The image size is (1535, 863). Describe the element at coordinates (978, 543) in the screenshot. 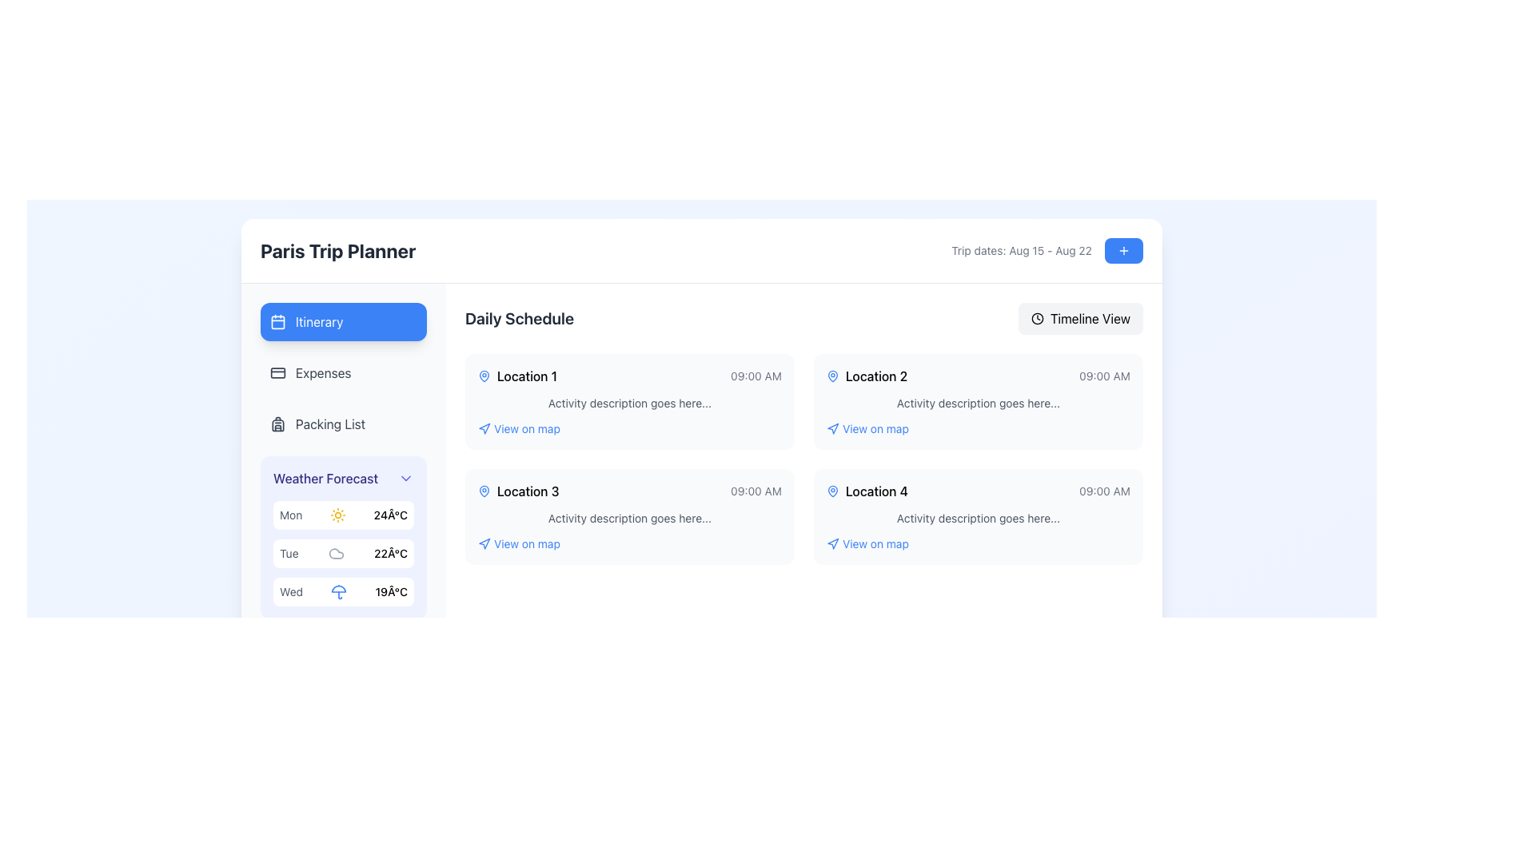

I see `the interactive link/button that reads 'View on map' located in the fourth card of the 'Daily Schedule' section under 'Location 4' to visualize its clickable nature` at that location.